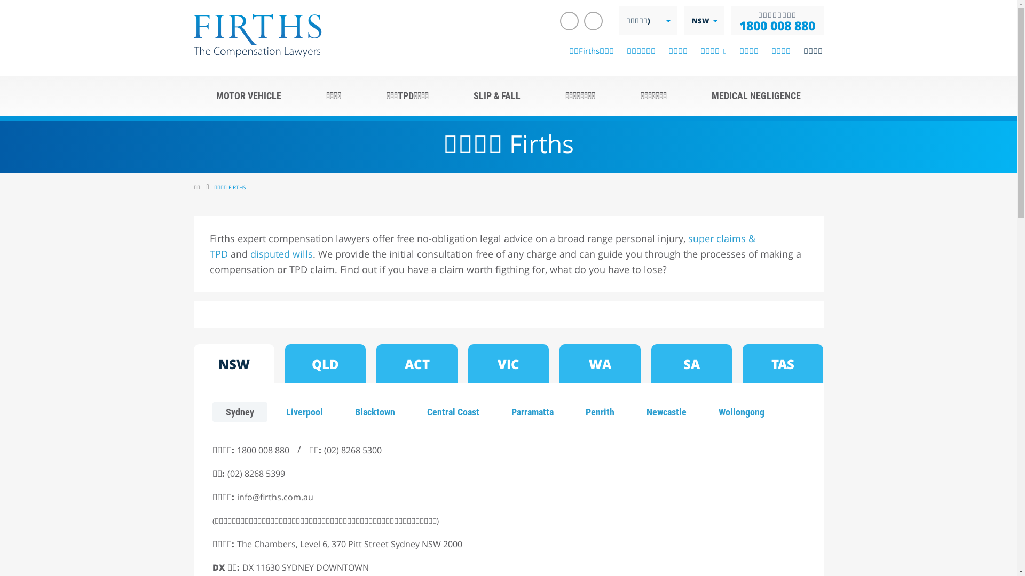  Describe the element at coordinates (281, 253) in the screenshot. I see `'disputed wills'` at that location.